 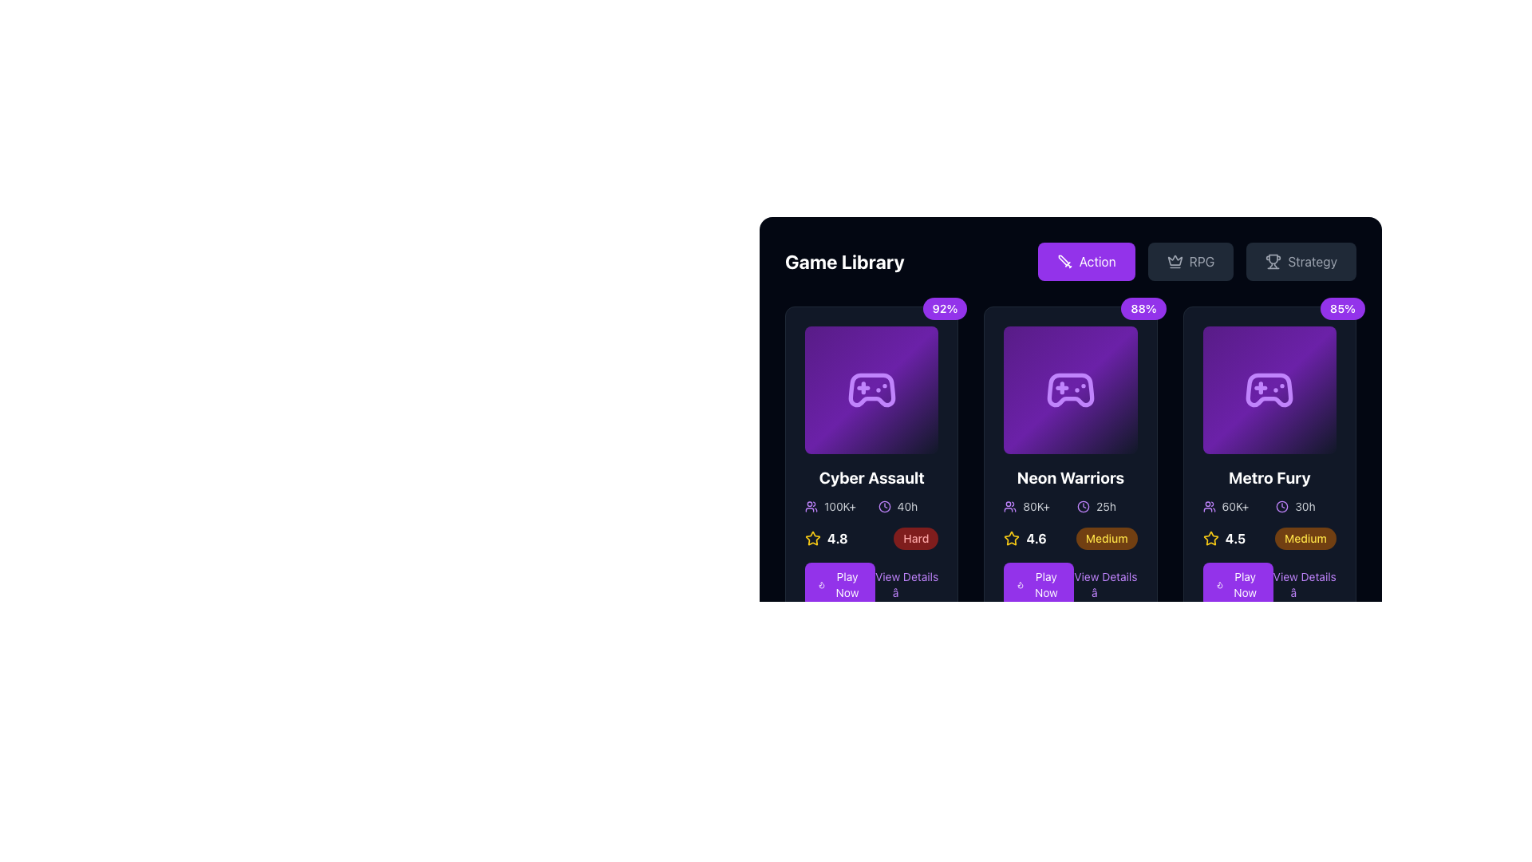 What do you see at coordinates (1237, 584) in the screenshot?
I see `the button located in the bottom section of the 'Metro Fury' card in the 'Game Library' to observe a change in color for interactivity feedback` at bounding box center [1237, 584].